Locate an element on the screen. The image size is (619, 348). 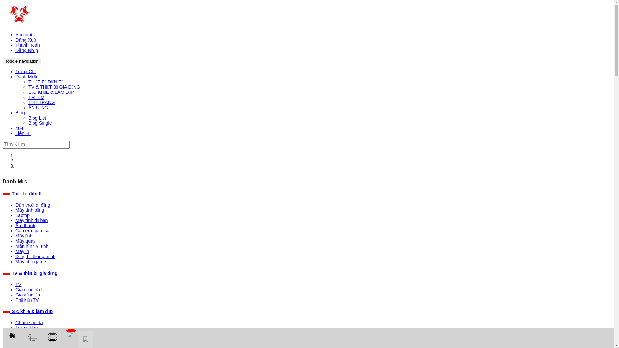
'Blog' is located at coordinates (20, 112).